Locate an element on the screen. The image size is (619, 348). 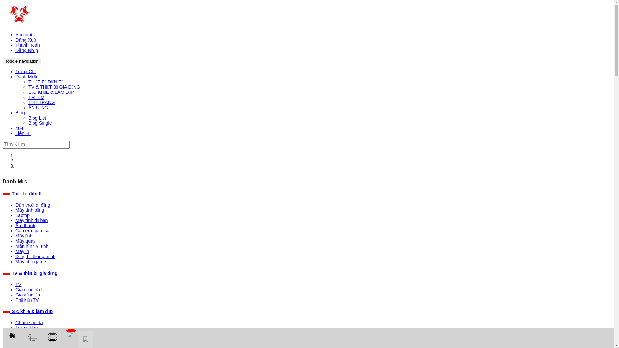
'Blog' is located at coordinates (20, 112).